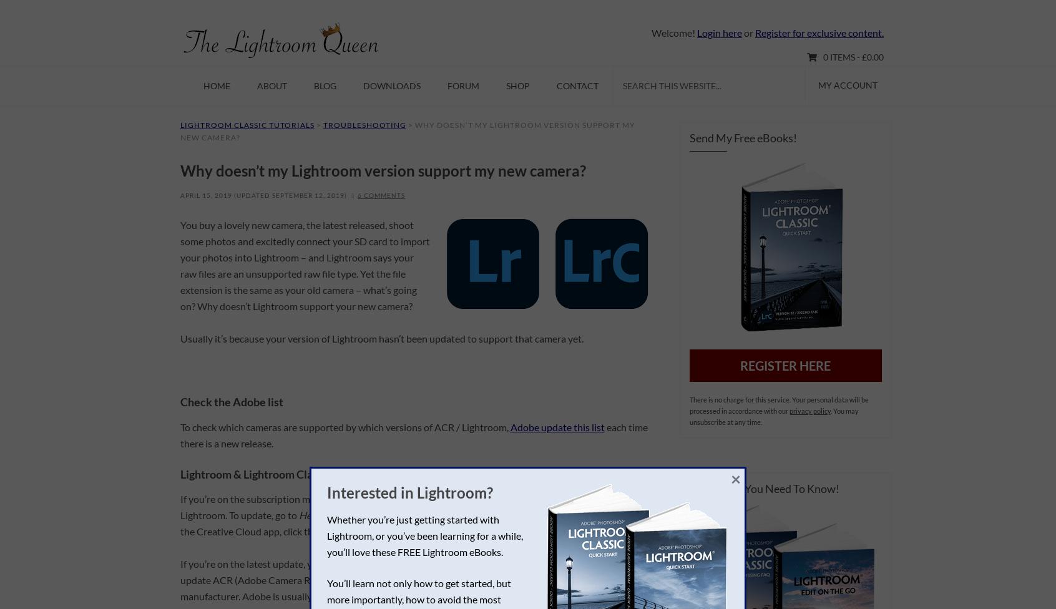 The width and height of the screenshot is (1056, 609). I want to click on 'Contact', so click(577, 85).